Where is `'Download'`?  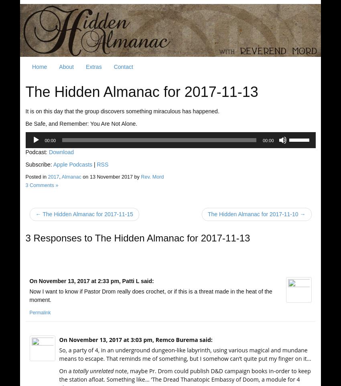
'Download' is located at coordinates (61, 152).